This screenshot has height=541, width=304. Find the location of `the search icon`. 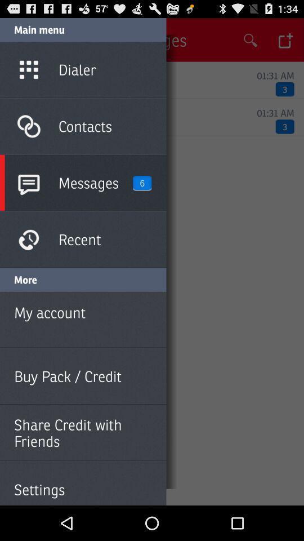

the search icon is located at coordinates (251, 43).